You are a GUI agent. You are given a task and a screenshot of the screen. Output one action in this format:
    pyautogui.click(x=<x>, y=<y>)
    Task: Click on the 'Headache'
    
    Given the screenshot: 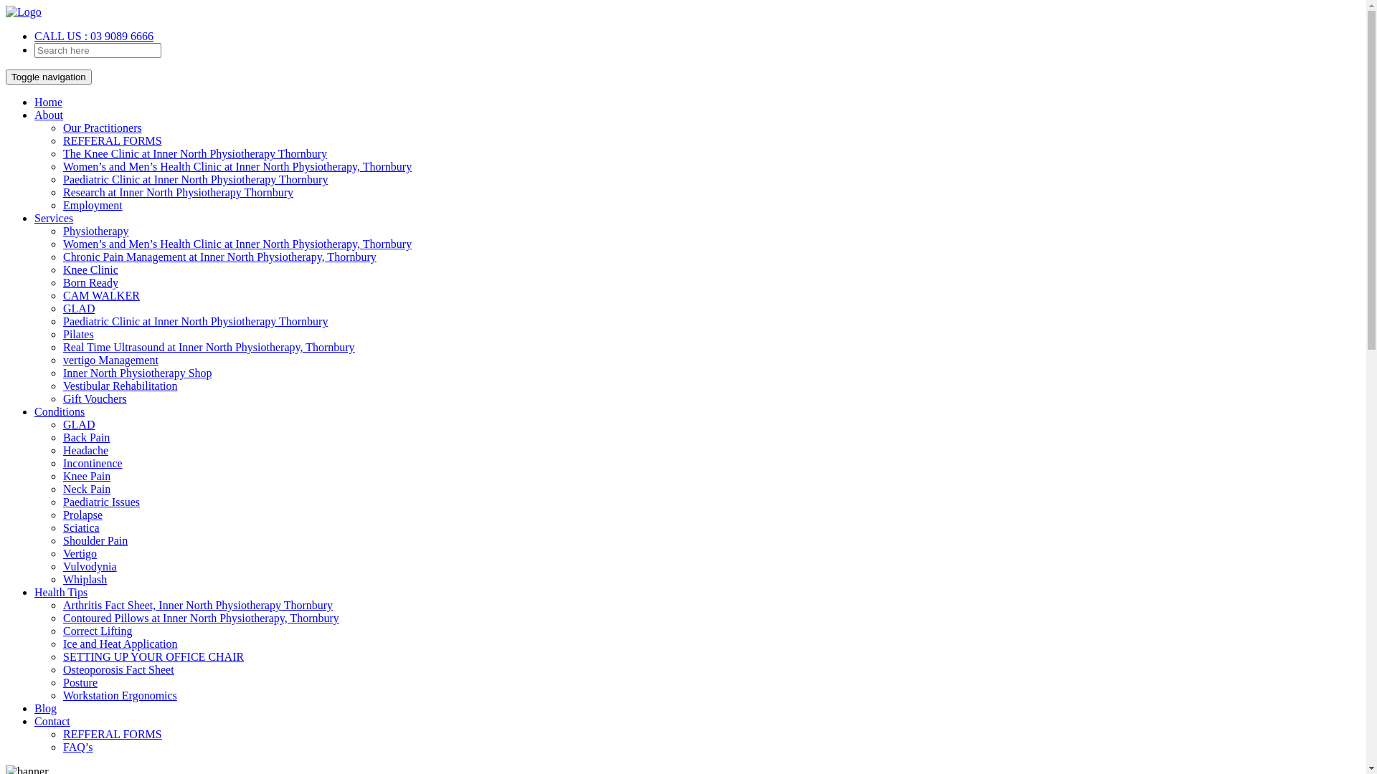 What is the action you would take?
    pyautogui.click(x=85, y=449)
    